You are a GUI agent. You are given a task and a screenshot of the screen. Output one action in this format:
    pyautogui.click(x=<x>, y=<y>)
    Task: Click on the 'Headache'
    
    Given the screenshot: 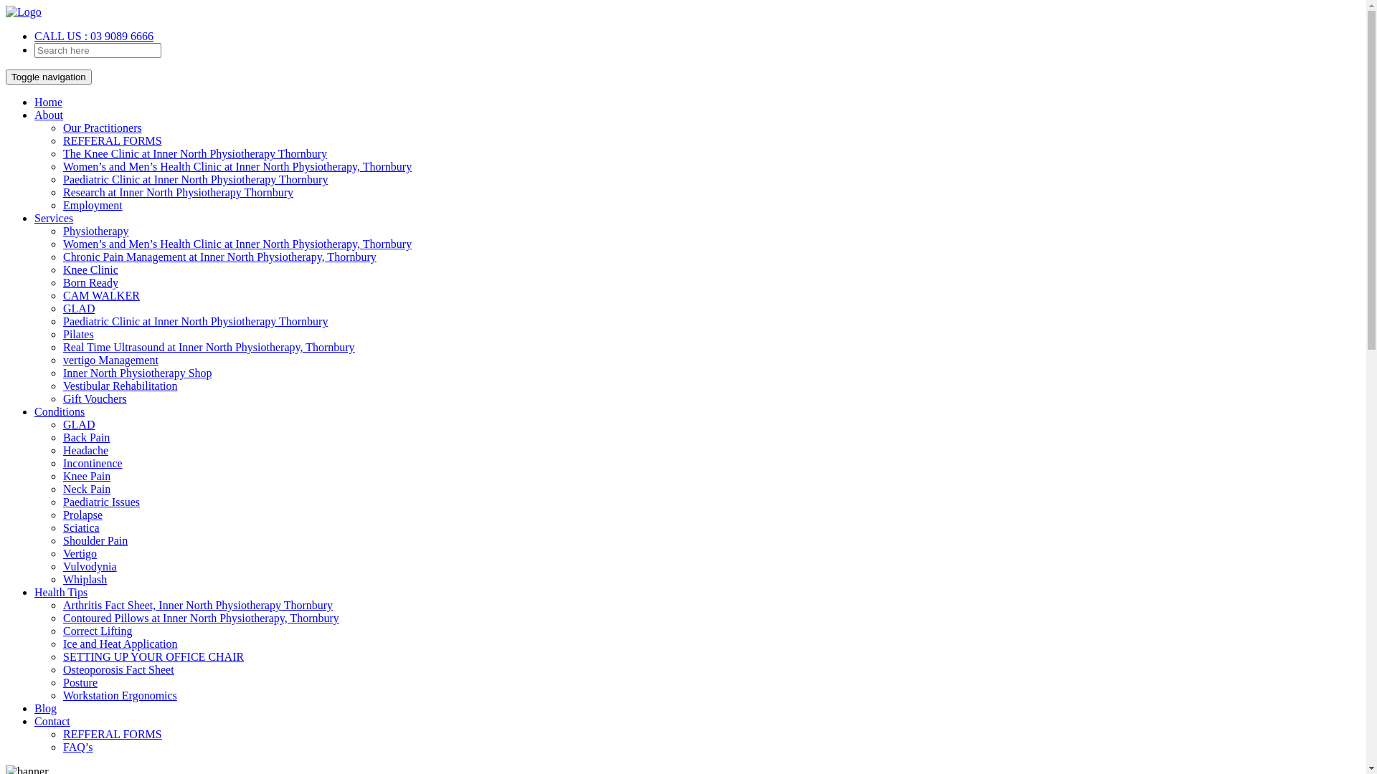 What is the action you would take?
    pyautogui.click(x=85, y=449)
    